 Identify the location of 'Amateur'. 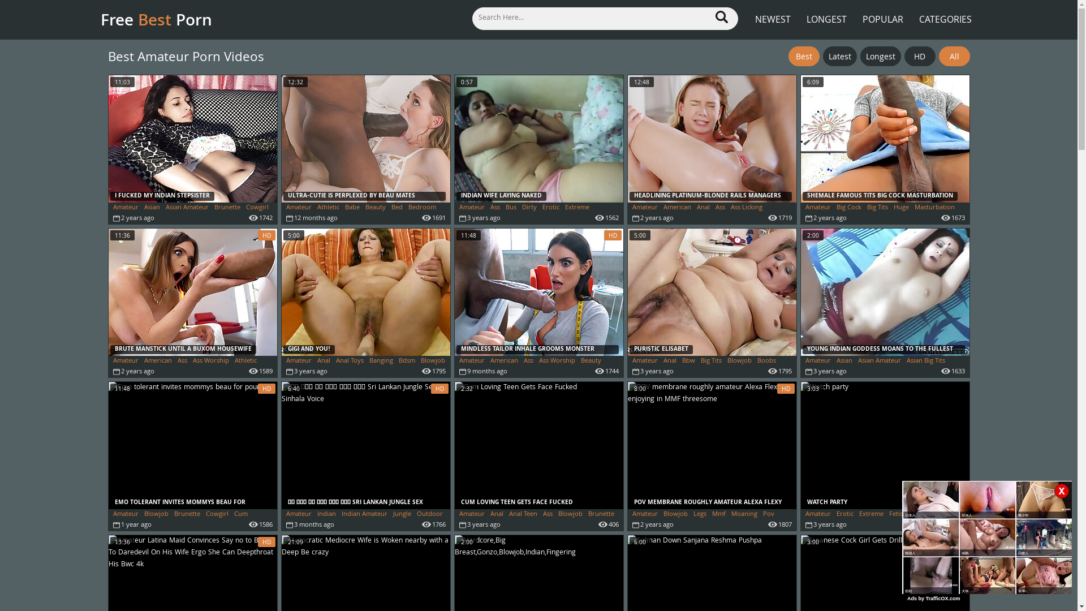
(472, 514).